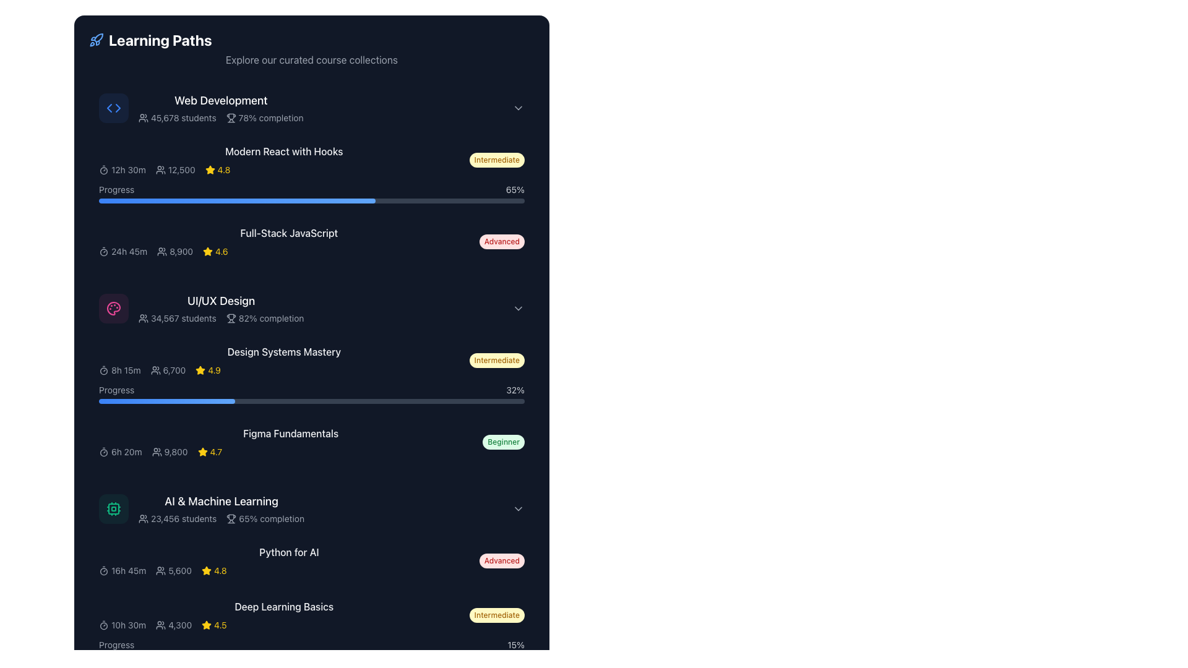  What do you see at coordinates (160, 169) in the screenshot?
I see `the icon indicating the number of participants in the 'Web Development' course entry, positioned to the left of the text '12,500'` at bounding box center [160, 169].